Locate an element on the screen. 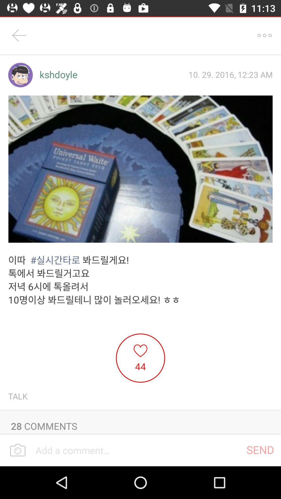 The image size is (281, 499). the kshdoyle item is located at coordinates (58, 75).